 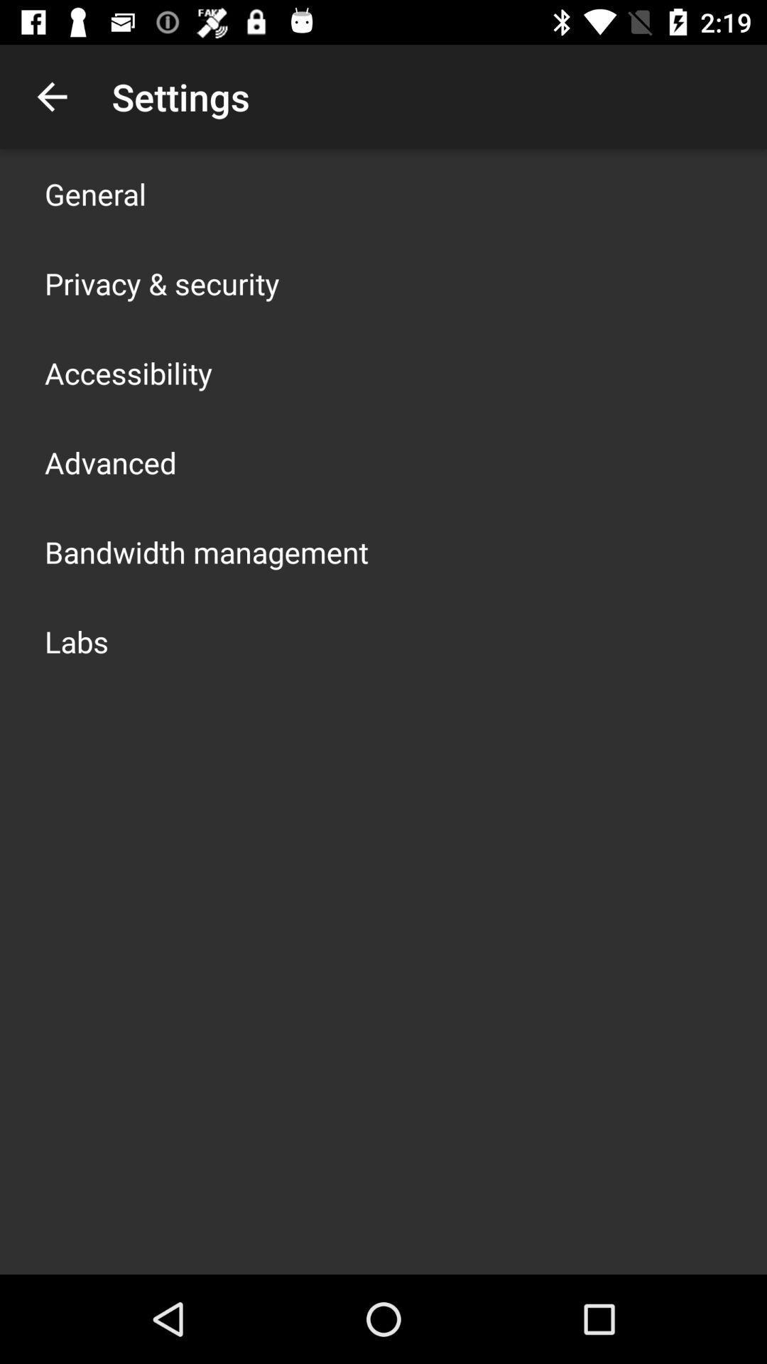 I want to click on bandwidth management icon, so click(x=206, y=551).